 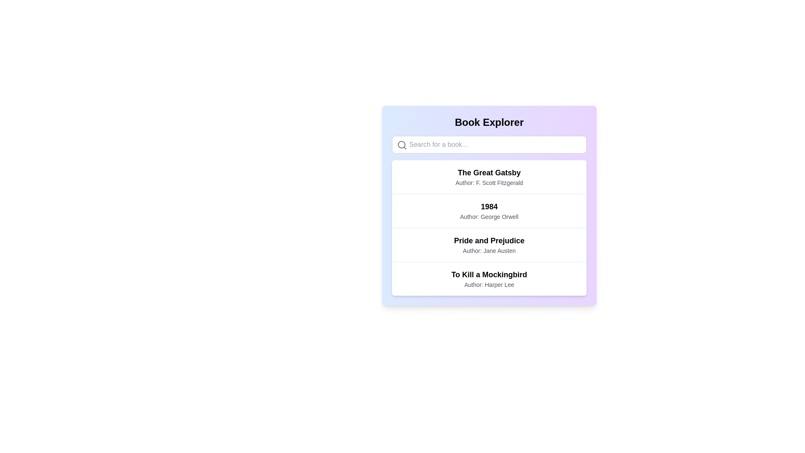 I want to click on text content of the book title label located at the center of the second book entry in the list, which is positioned above the author subtitle 'Author: George Orwell', so click(x=489, y=207).